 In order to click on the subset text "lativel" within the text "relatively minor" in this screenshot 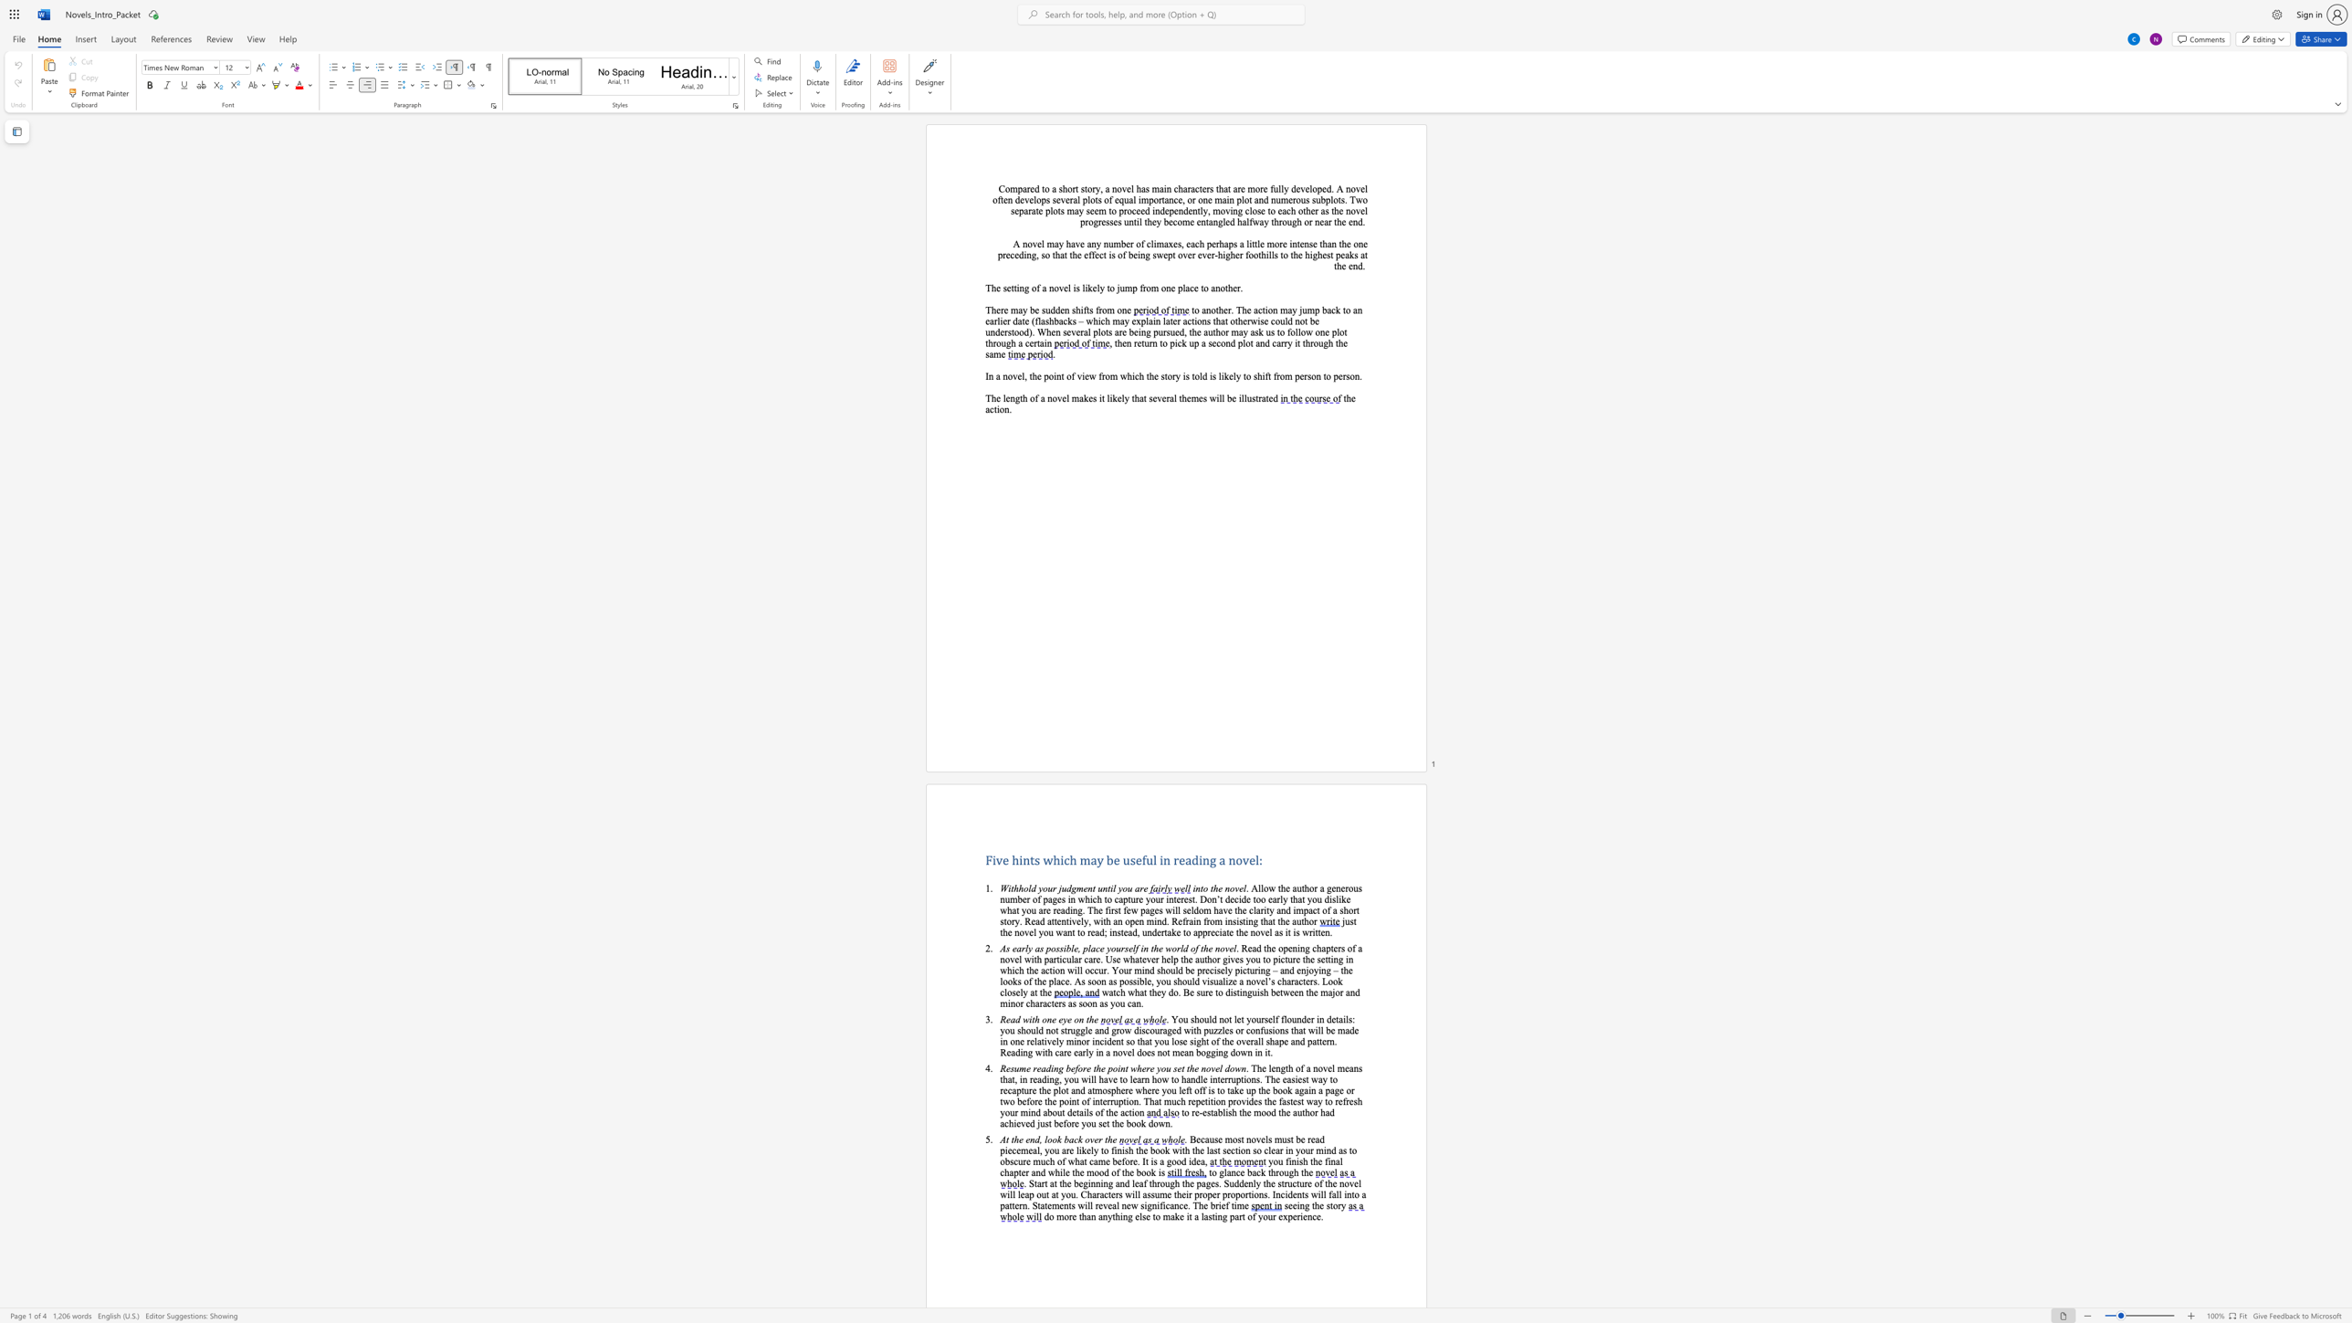, I will do `click(1034, 1041)`.